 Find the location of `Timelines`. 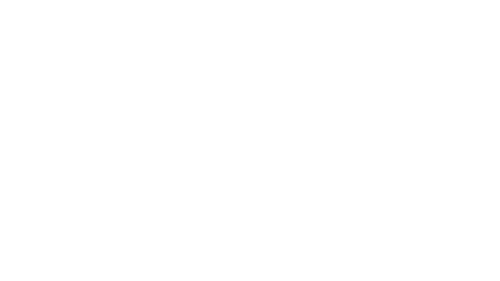

Timelines is located at coordinates (330, 97).